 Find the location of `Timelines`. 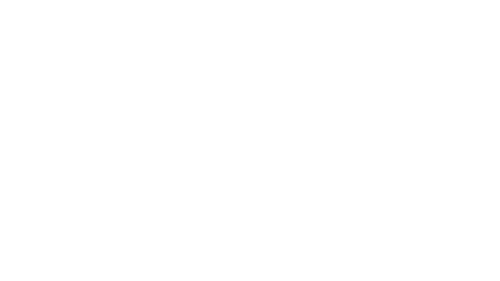

Timelines is located at coordinates (330, 97).